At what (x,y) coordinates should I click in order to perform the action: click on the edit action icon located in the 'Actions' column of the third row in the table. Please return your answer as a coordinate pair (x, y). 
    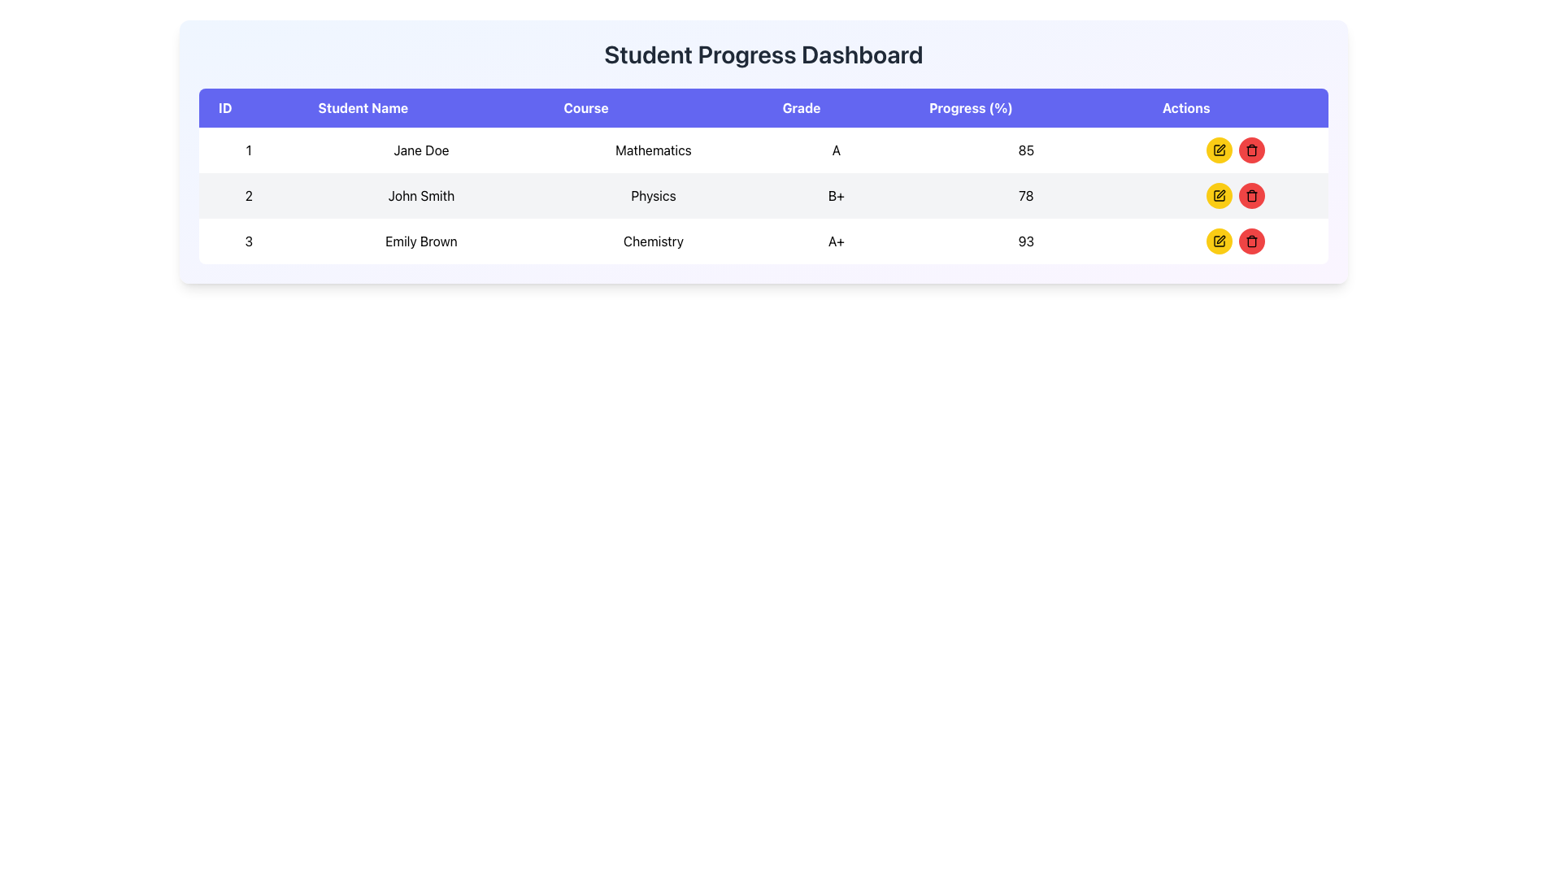
    Looking at the image, I should click on (1219, 150).